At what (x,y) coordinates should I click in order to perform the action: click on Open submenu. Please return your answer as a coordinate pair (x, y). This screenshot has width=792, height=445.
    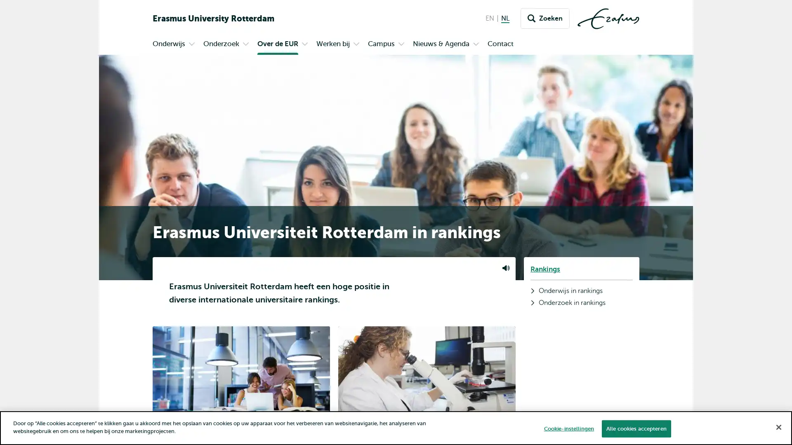
    Looking at the image, I should click on (245, 44).